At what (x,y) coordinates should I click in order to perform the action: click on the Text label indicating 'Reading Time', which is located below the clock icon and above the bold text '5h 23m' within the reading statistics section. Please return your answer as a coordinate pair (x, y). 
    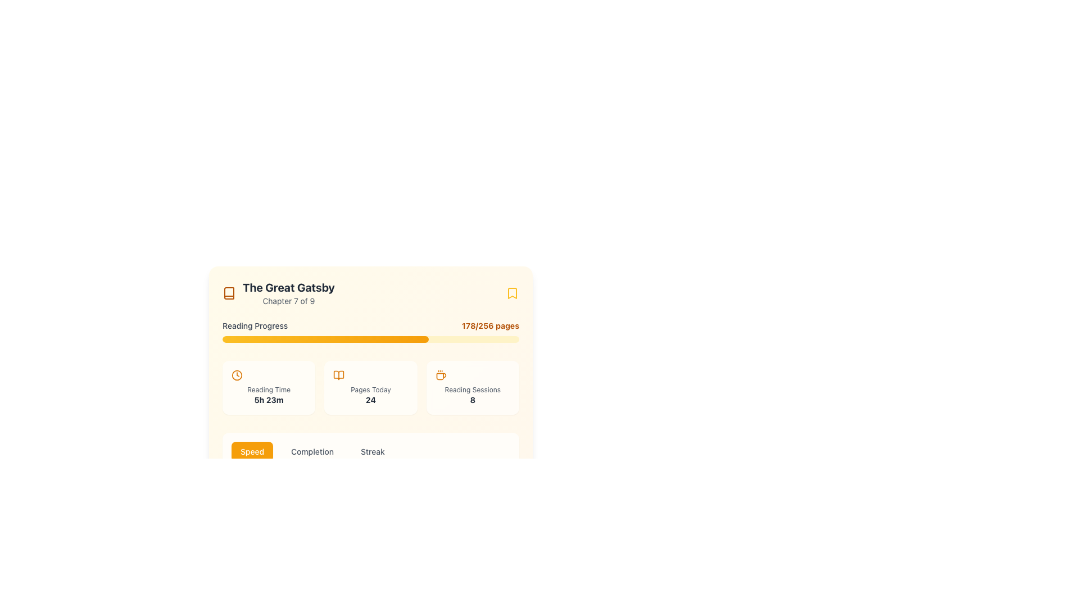
    Looking at the image, I should click on (268, 389).